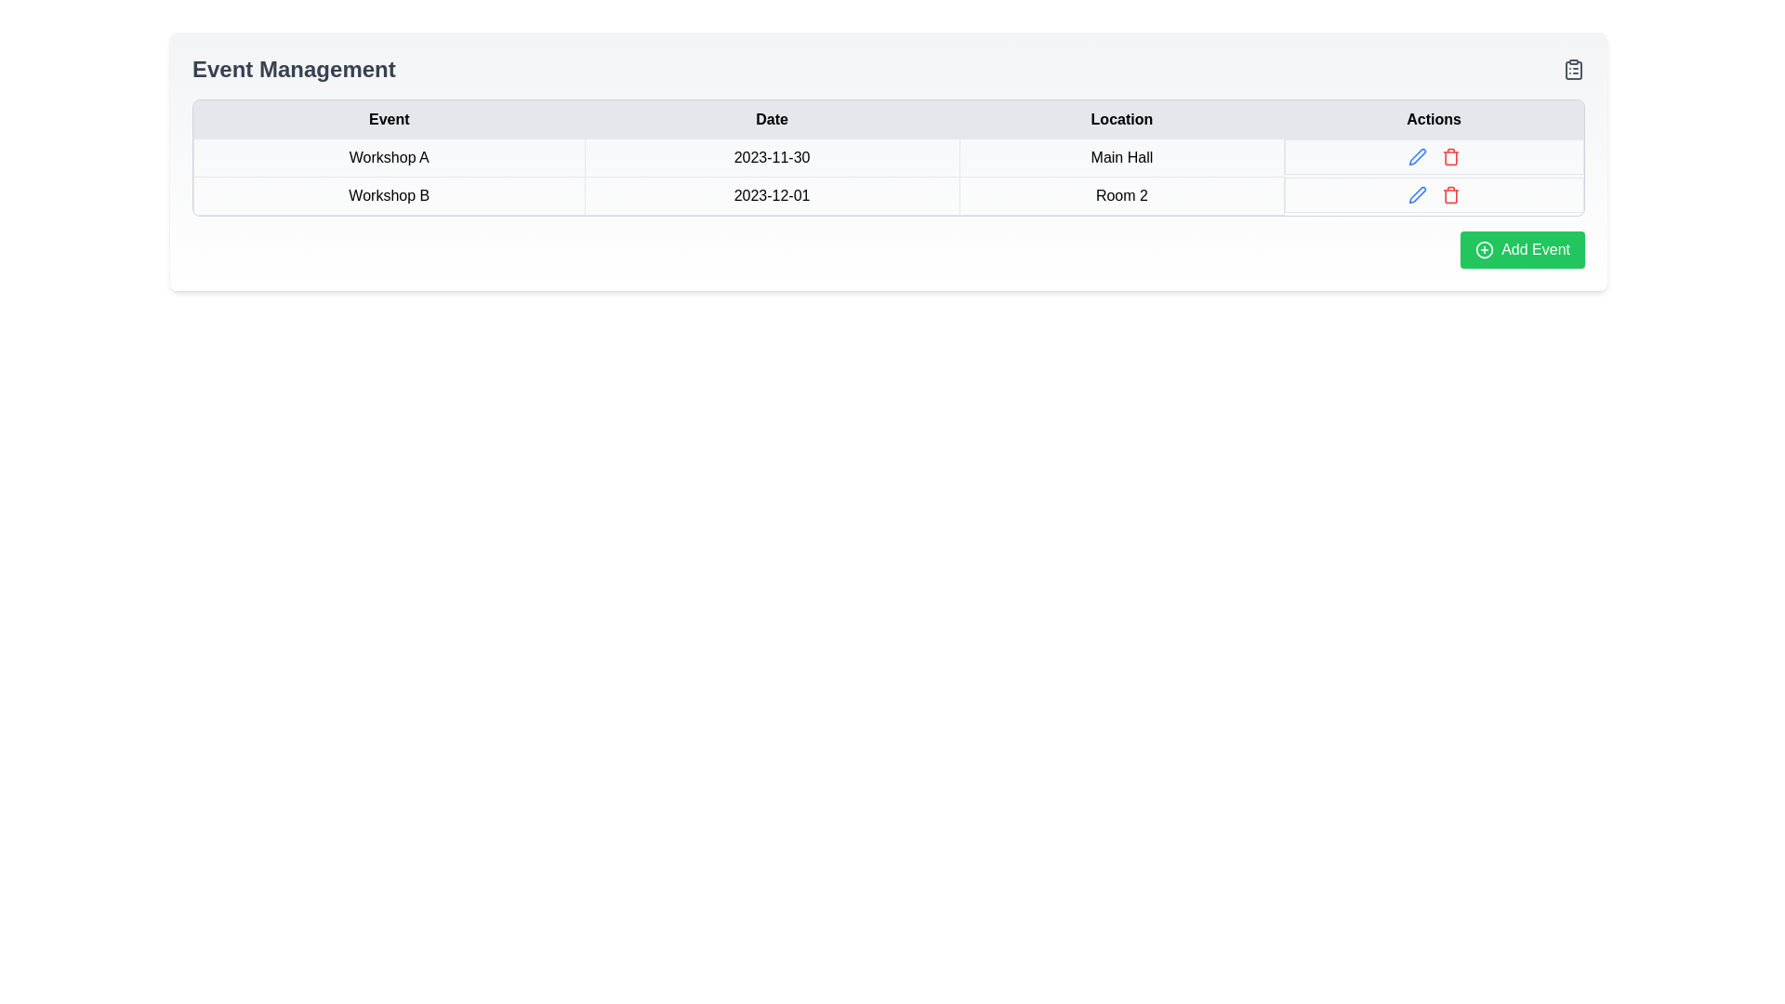 The height and width of the screenshot is (1004, 1785). What do you see at coordinates (1433, 156) in the screenshot?
I see `the interactive icons in the 'Actions' column of the table corresponding to 'Workshop A', '2023-11-30', and 'Main Hall'` at bounding box center [1433, 156].